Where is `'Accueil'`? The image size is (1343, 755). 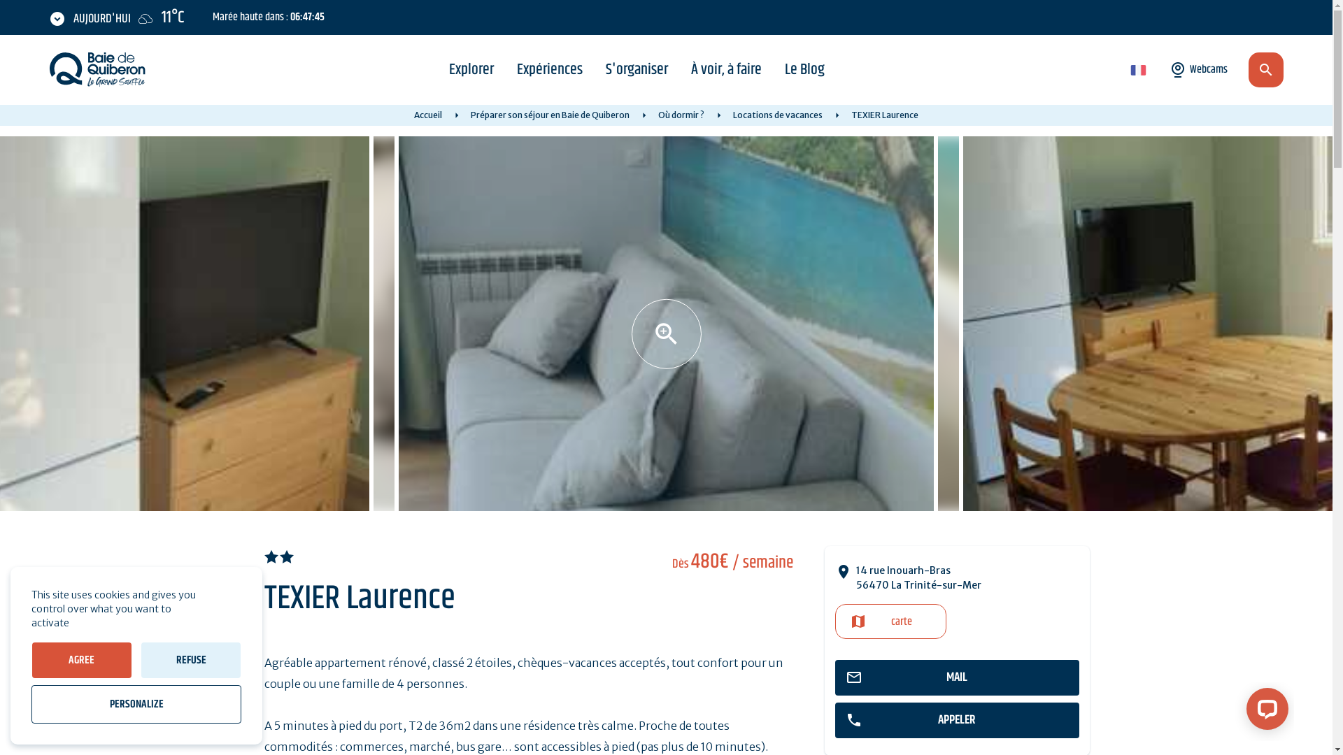 'Accueil' is located at coordinates (427, 114).